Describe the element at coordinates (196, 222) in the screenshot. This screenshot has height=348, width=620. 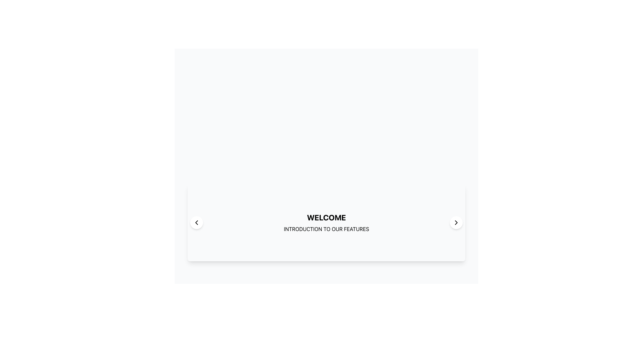
I see `the left-pointing arrow icon within the circular button on the left side of the interface` at that location.